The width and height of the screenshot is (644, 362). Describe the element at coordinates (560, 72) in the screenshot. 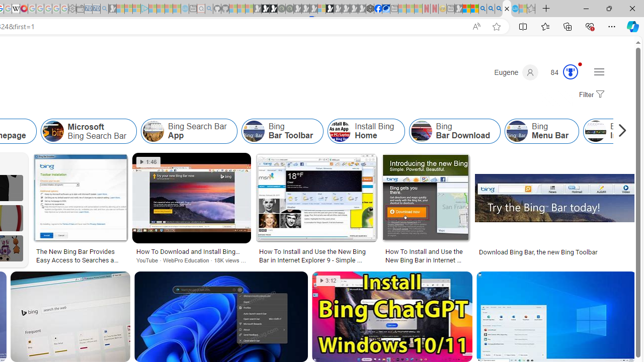

I see `'Microsoft Rewards 84'` at that location.